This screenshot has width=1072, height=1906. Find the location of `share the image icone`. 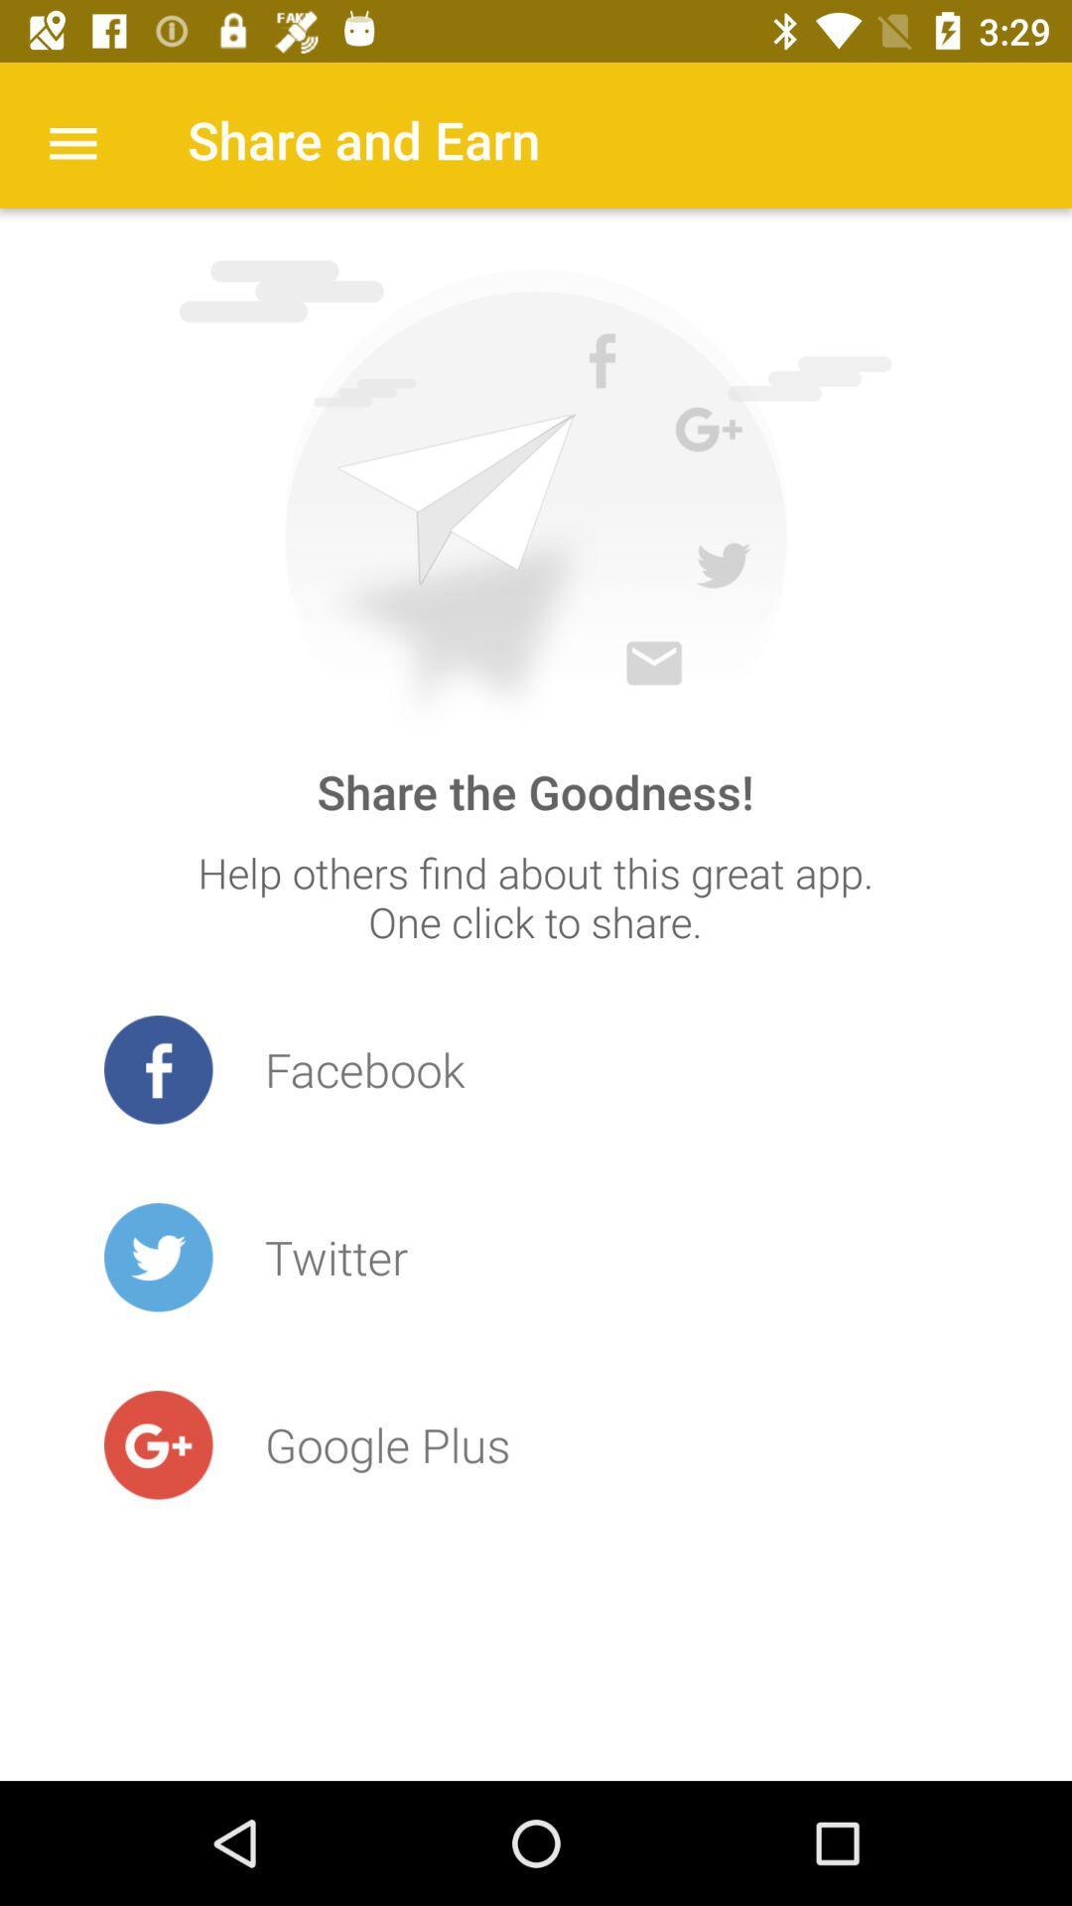

share the image icone is located at coordinates (534, 496).